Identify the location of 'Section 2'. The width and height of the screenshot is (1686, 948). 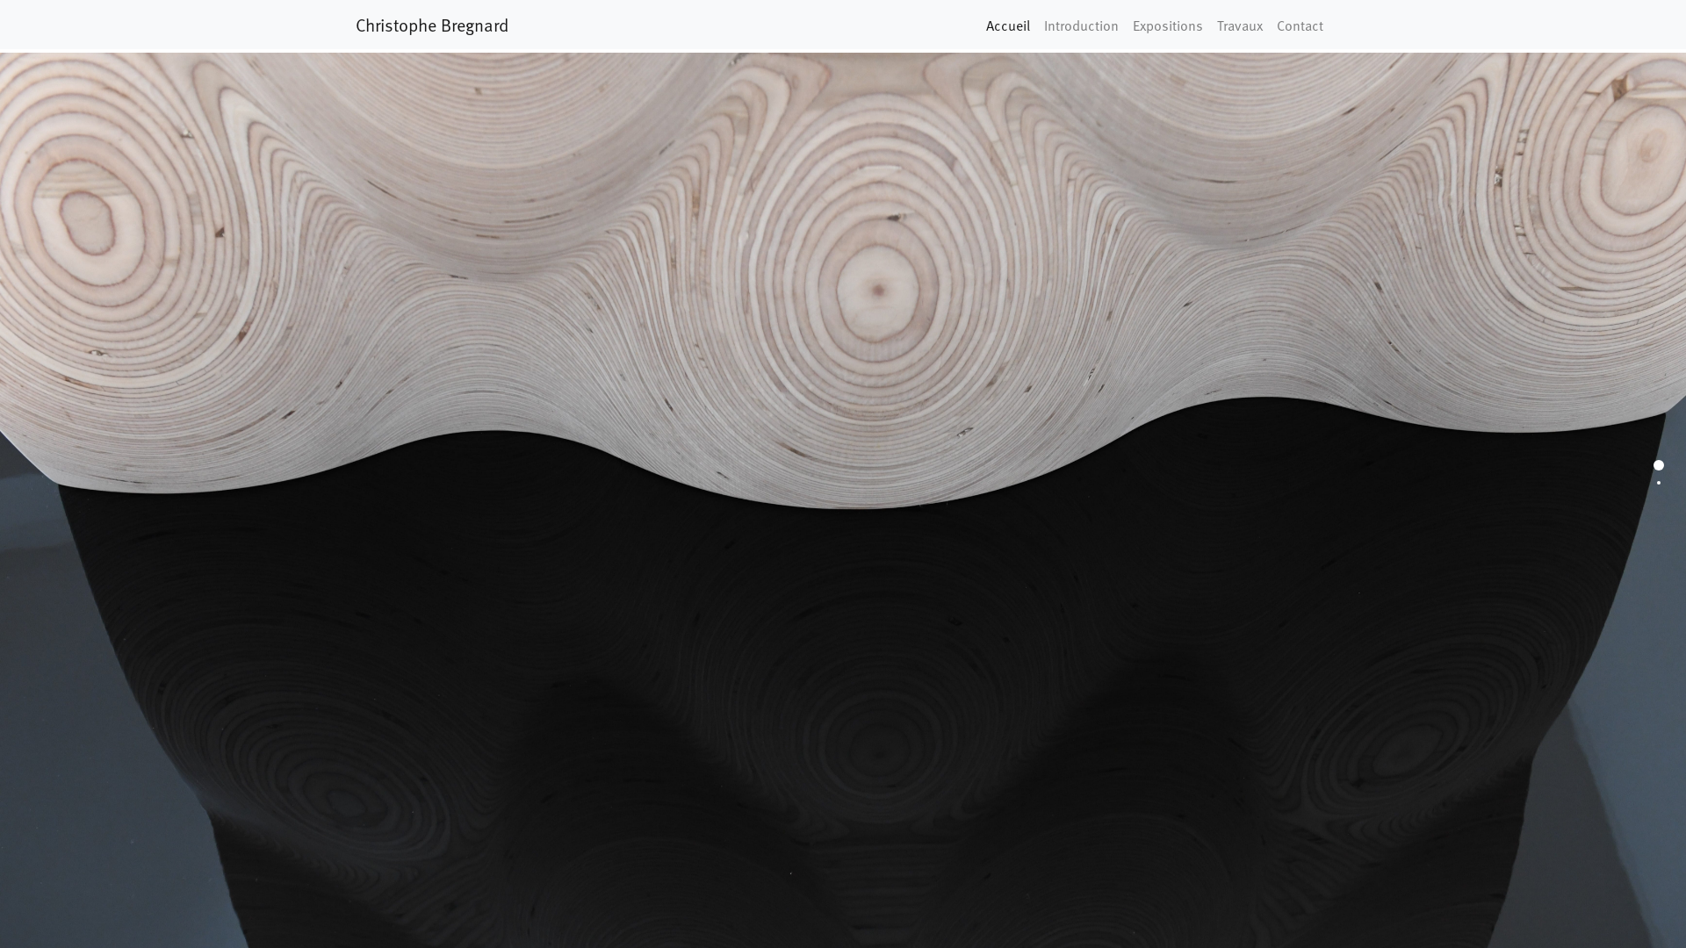
(1658, 483).